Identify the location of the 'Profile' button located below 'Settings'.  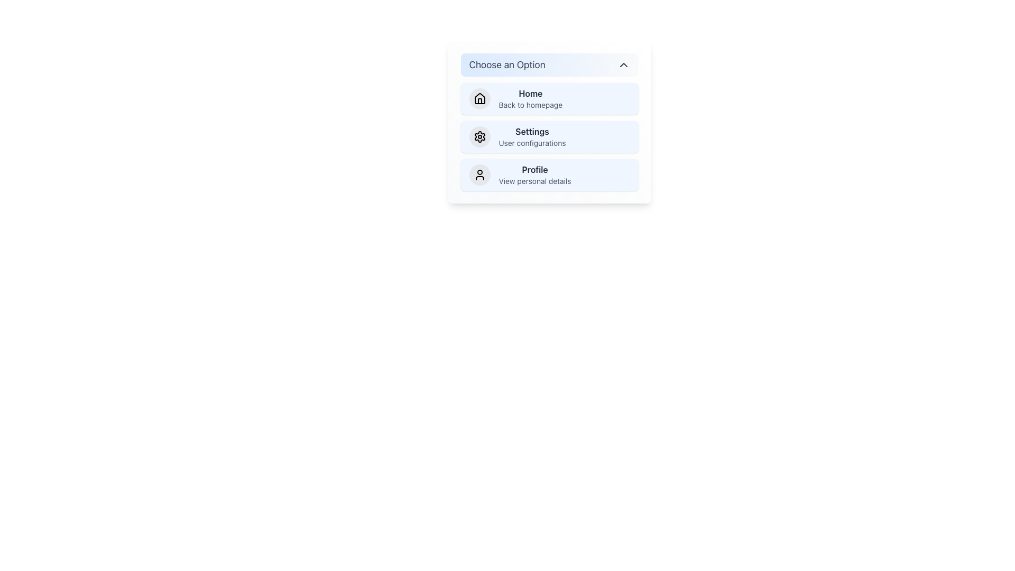
(535, 174).